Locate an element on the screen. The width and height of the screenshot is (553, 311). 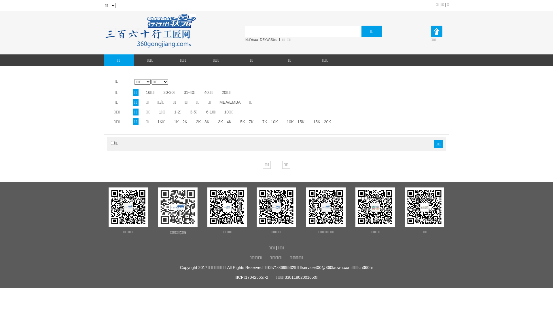
'15K - 20K' is located at coordinates (322, 122).